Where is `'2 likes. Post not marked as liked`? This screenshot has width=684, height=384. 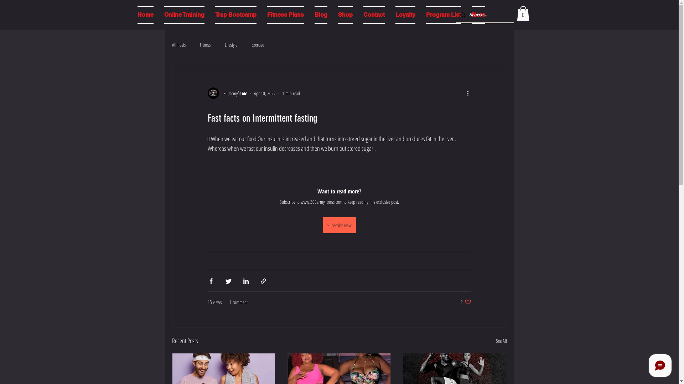
'2 likes. Post not marked as liked is located at coordinates (460, 302).